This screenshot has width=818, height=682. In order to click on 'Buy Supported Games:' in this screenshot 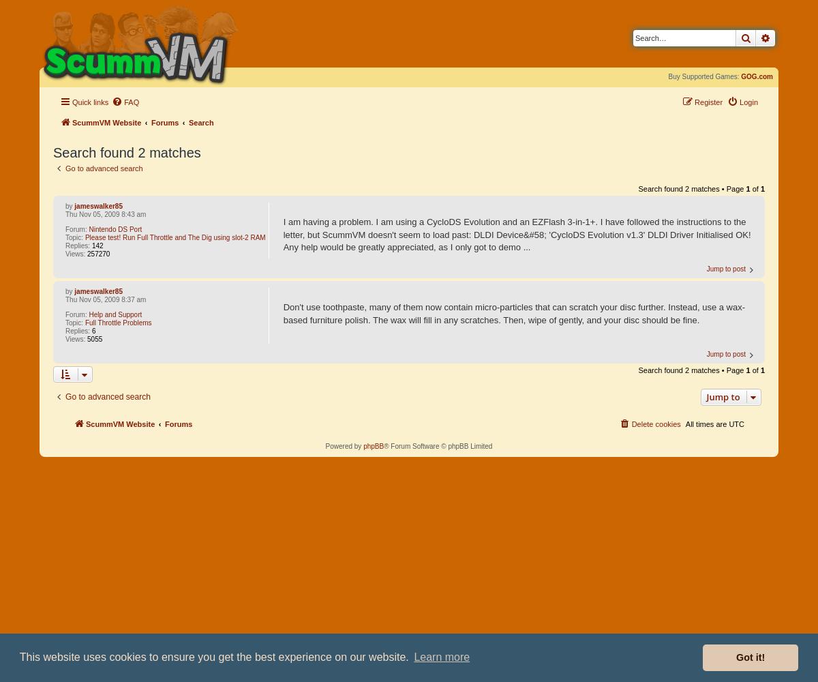, I will do `click(704, 76)`.